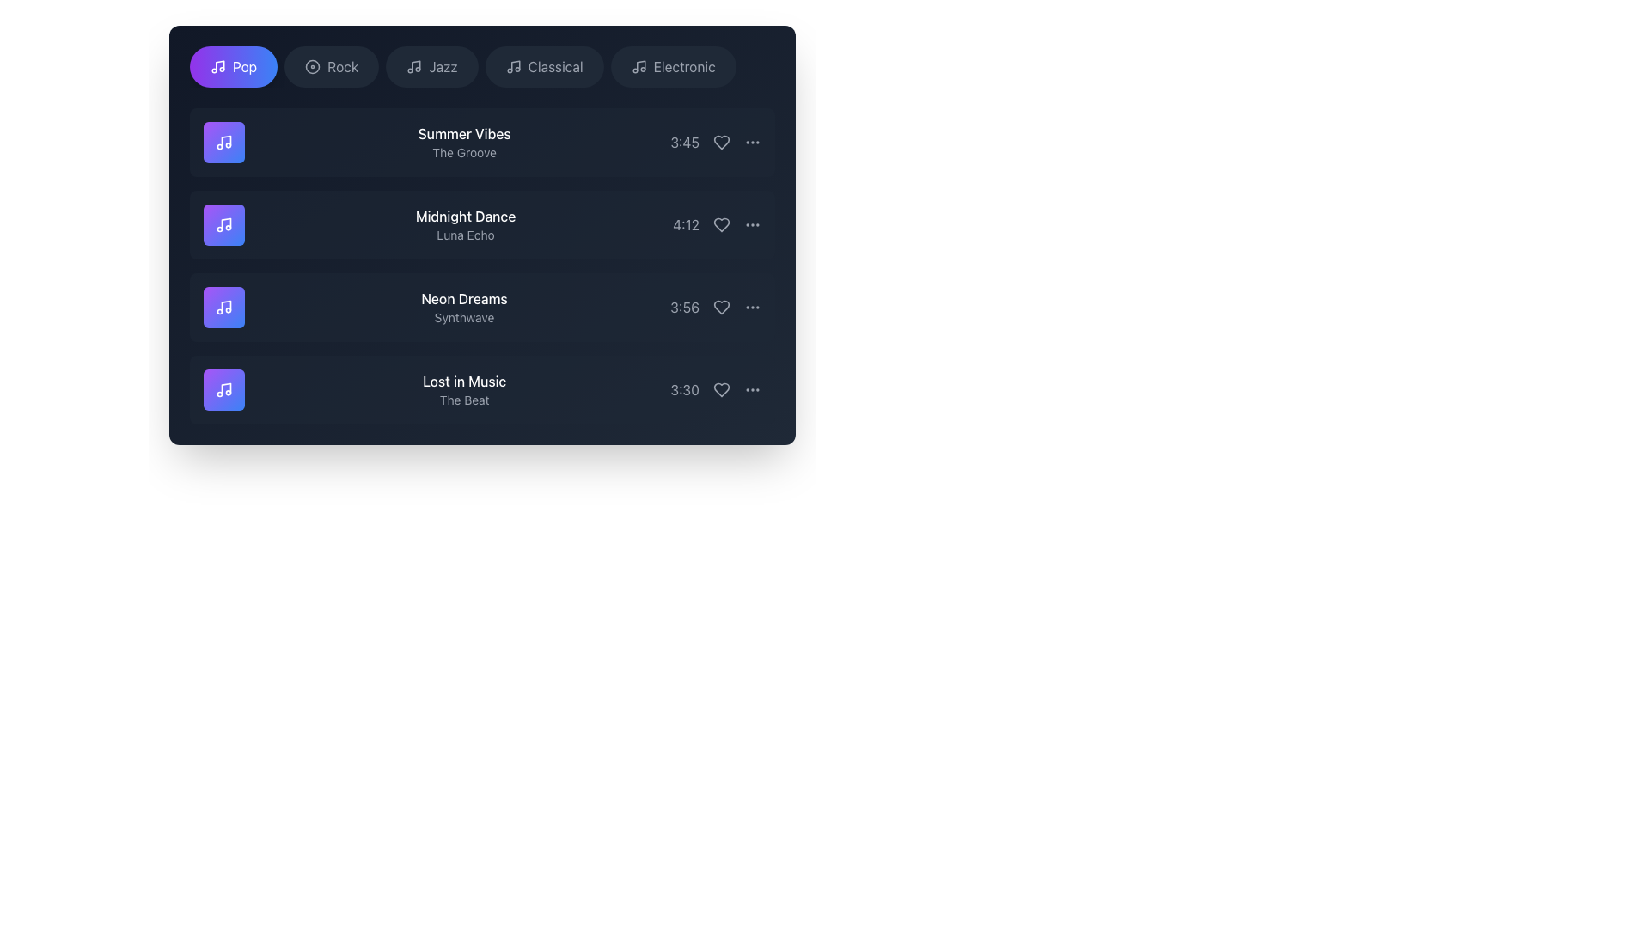 The width and height of the screenshot is (1650, 928). What do you see at coordinates (464, 307) in the screenshot?
I see `the text-based display element that shows 'Neon Dreams' and 'Synthwave'` at bounding box center [464, 307].